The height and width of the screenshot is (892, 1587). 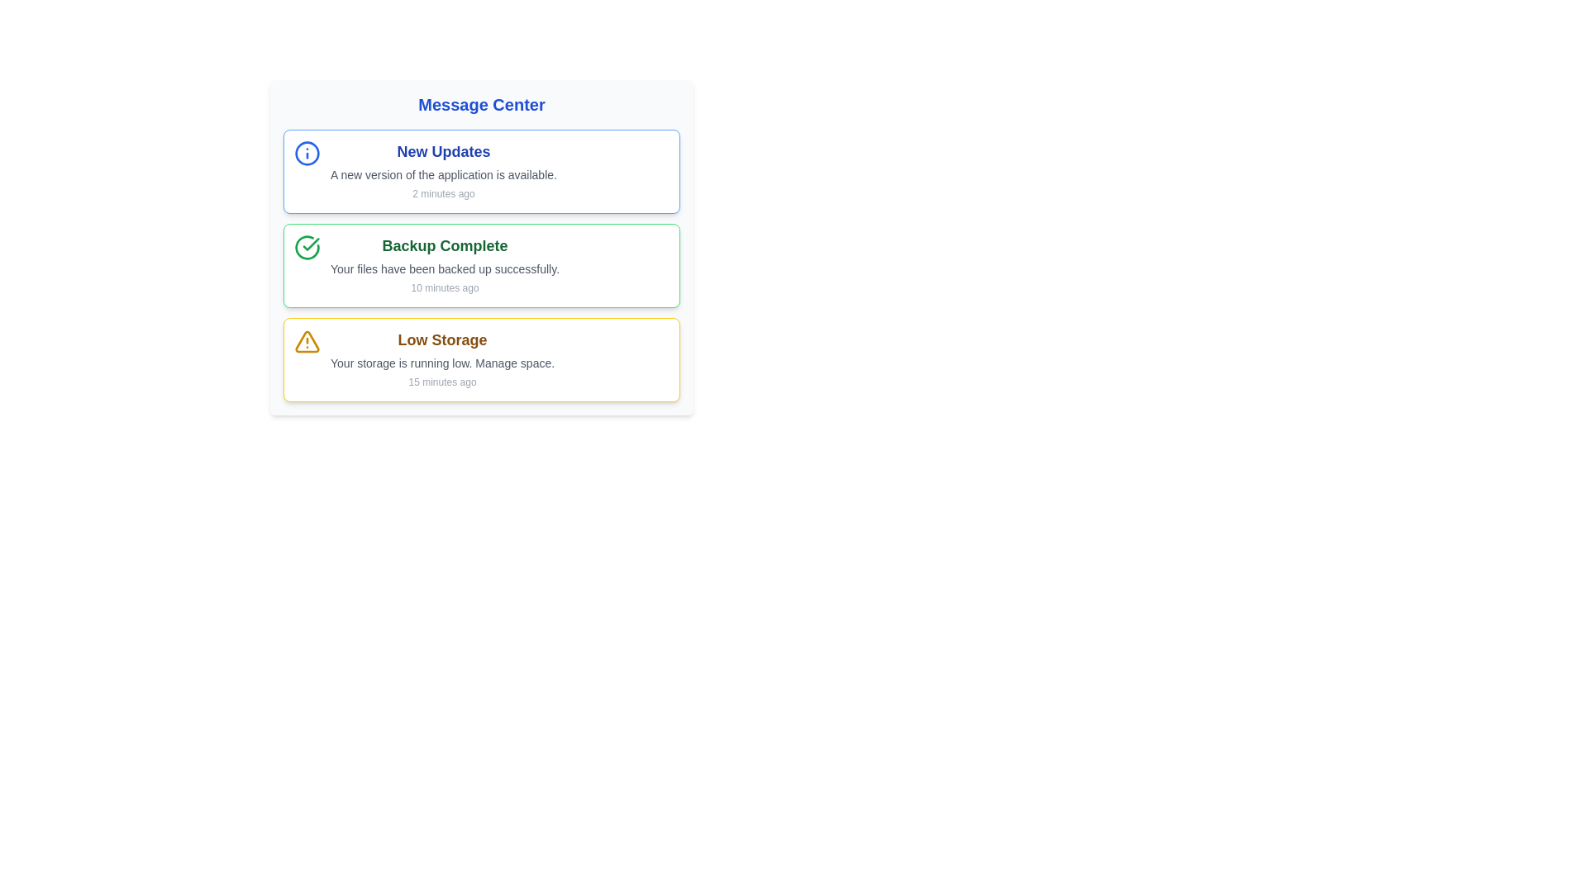 What do you see at coordinates (444, 193) in the screenshot?
I see `timestamp text label located at the bottom-right of the 'New Updates' card, beneath the description text 'A new version of the application is available.'` at bounding box center [444, 193].